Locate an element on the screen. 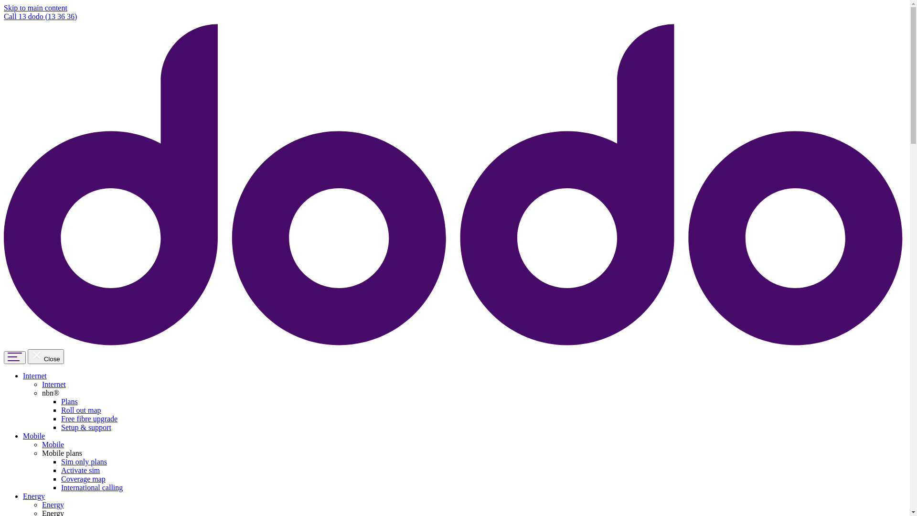 The width and height of the screenshot is (917, 516). 'Internet' is located at coordinates (53, 384).